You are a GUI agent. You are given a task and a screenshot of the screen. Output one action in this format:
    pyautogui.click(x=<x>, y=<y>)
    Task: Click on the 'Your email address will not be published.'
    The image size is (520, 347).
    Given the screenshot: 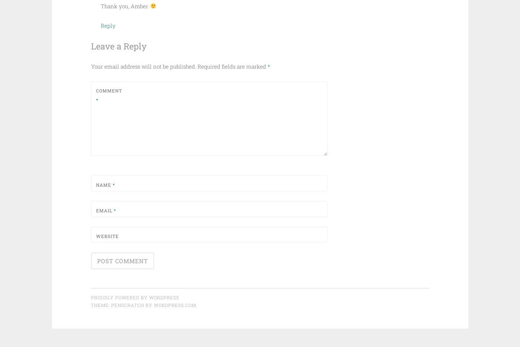 What is the action you would take?
    pyautogui.click(x=143, y=66)
    